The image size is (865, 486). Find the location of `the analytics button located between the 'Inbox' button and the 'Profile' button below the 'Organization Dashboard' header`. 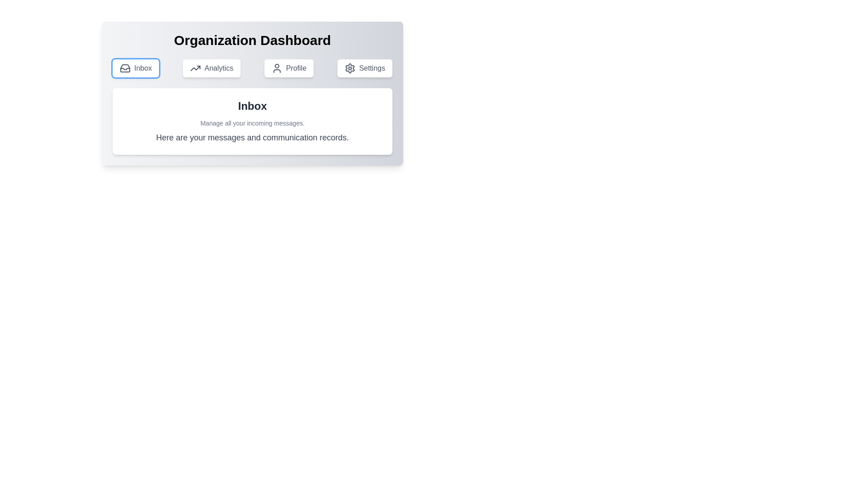

the analytics button located between the 'Inbox' button and the 'Profile' button below the 'Organization Dashboard' header is located at coordinates (211, 67).